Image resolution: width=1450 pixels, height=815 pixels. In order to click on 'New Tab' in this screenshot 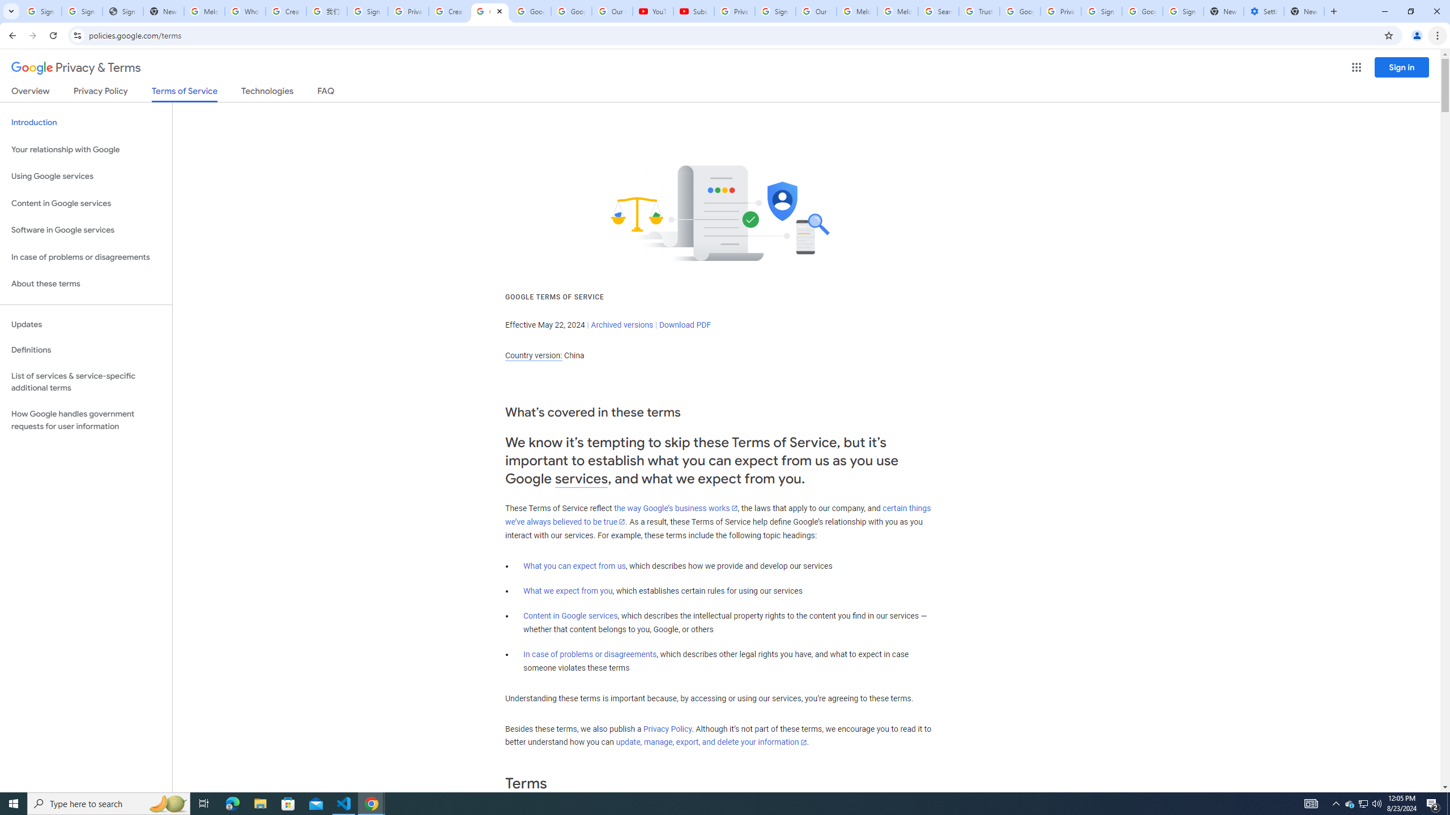, I will do `click(1304, 11)`.